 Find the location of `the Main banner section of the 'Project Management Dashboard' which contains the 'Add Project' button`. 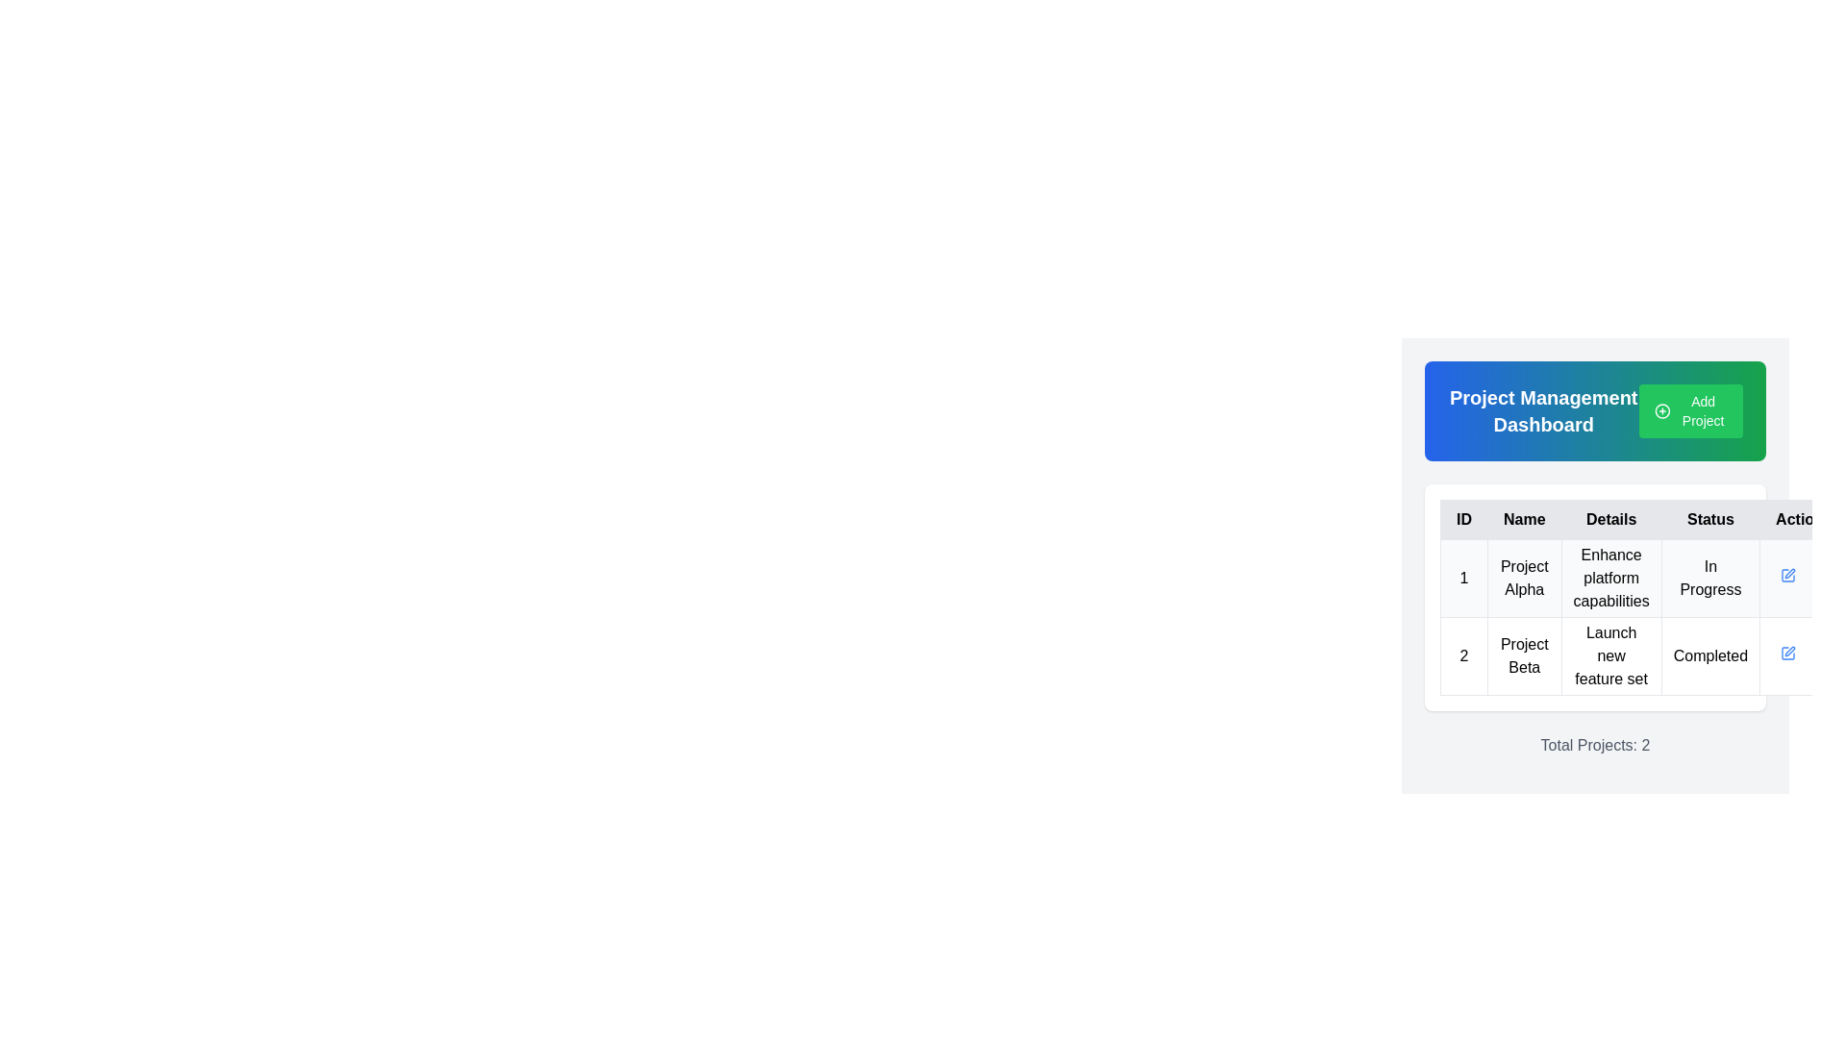

the Main banner section of the 'Project Management Dashboard' which contains the 'Add Project' button is located at coordinates (1595, 410).